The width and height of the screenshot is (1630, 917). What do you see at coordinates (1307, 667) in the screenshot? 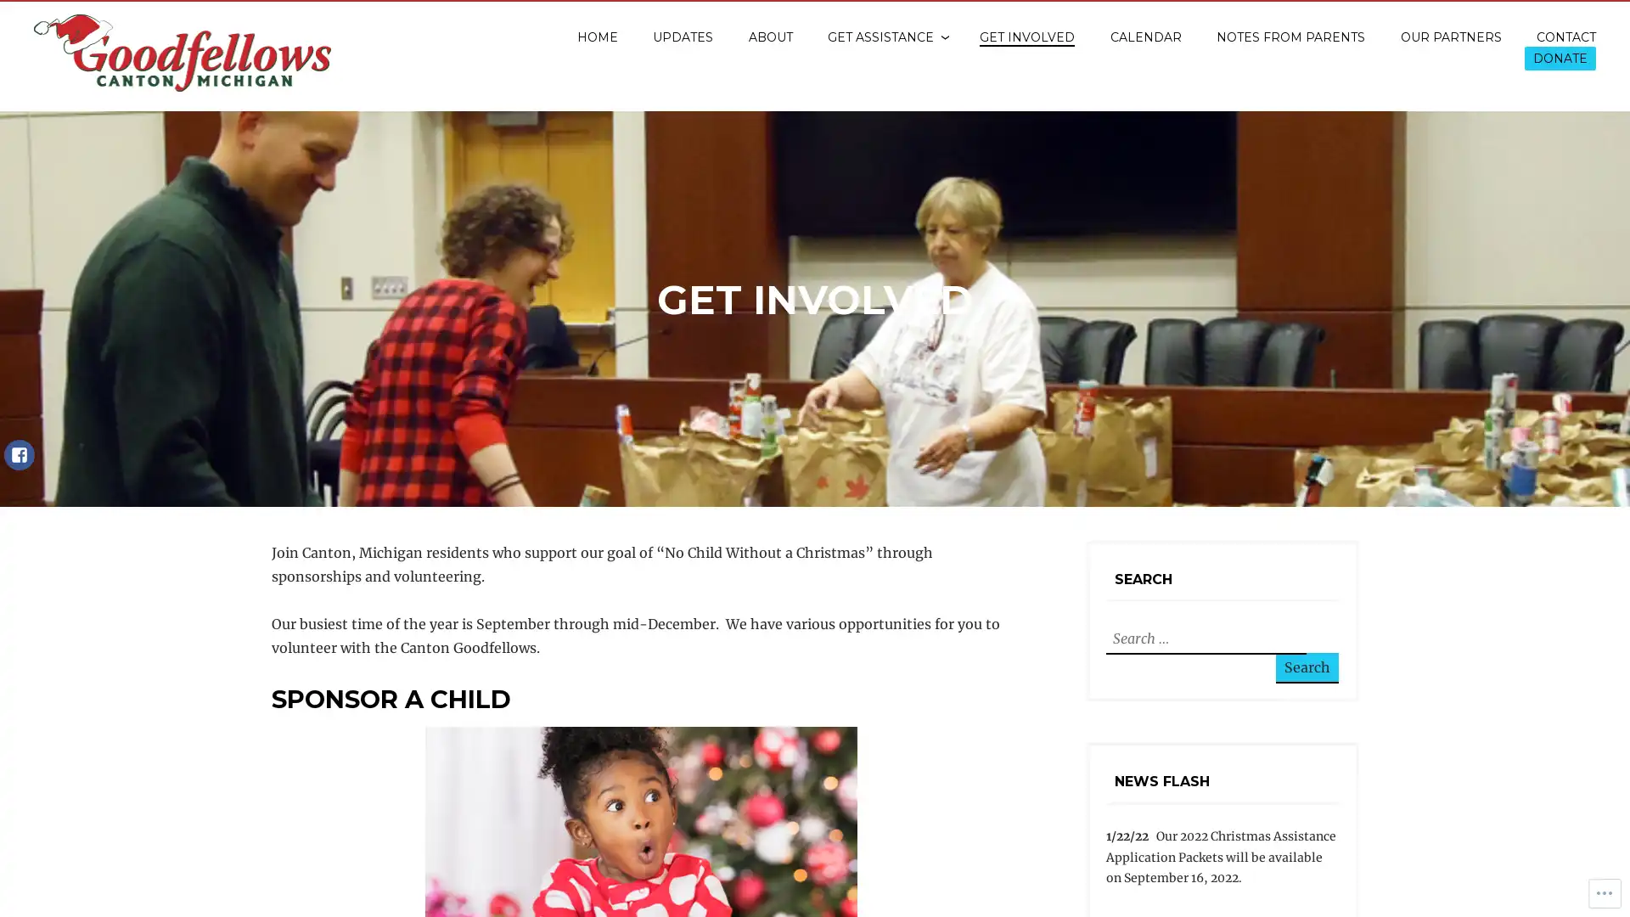
I see `Search` at bounding box center [1307, 667].